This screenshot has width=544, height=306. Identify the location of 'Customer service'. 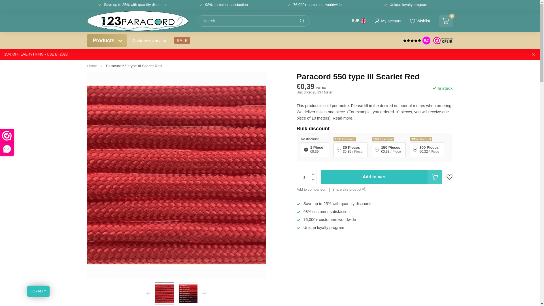
(149, 40).